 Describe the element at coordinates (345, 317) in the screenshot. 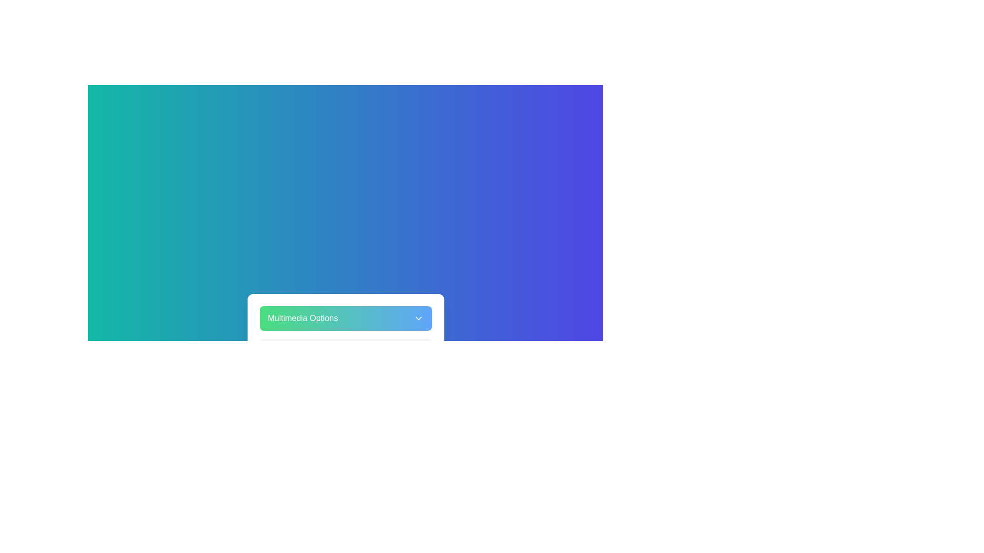

I see `the 'Multimedia Options' button to toggle the multimedia menu visibility` at that location.